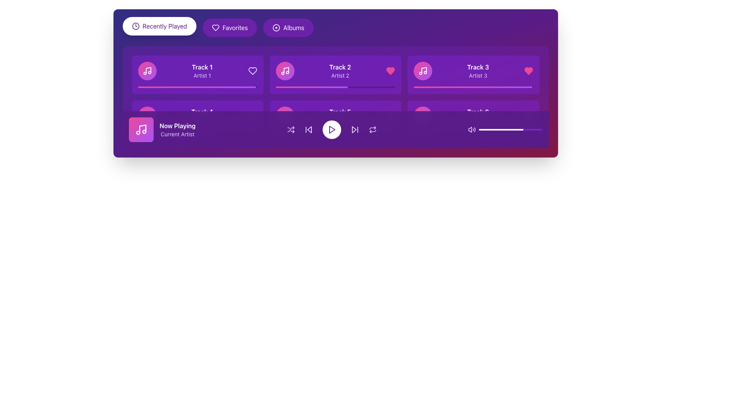  I want to click on the music icon in the 'Track 2 Artist 2' card located in the top row of the music grid, so click(284, 71).